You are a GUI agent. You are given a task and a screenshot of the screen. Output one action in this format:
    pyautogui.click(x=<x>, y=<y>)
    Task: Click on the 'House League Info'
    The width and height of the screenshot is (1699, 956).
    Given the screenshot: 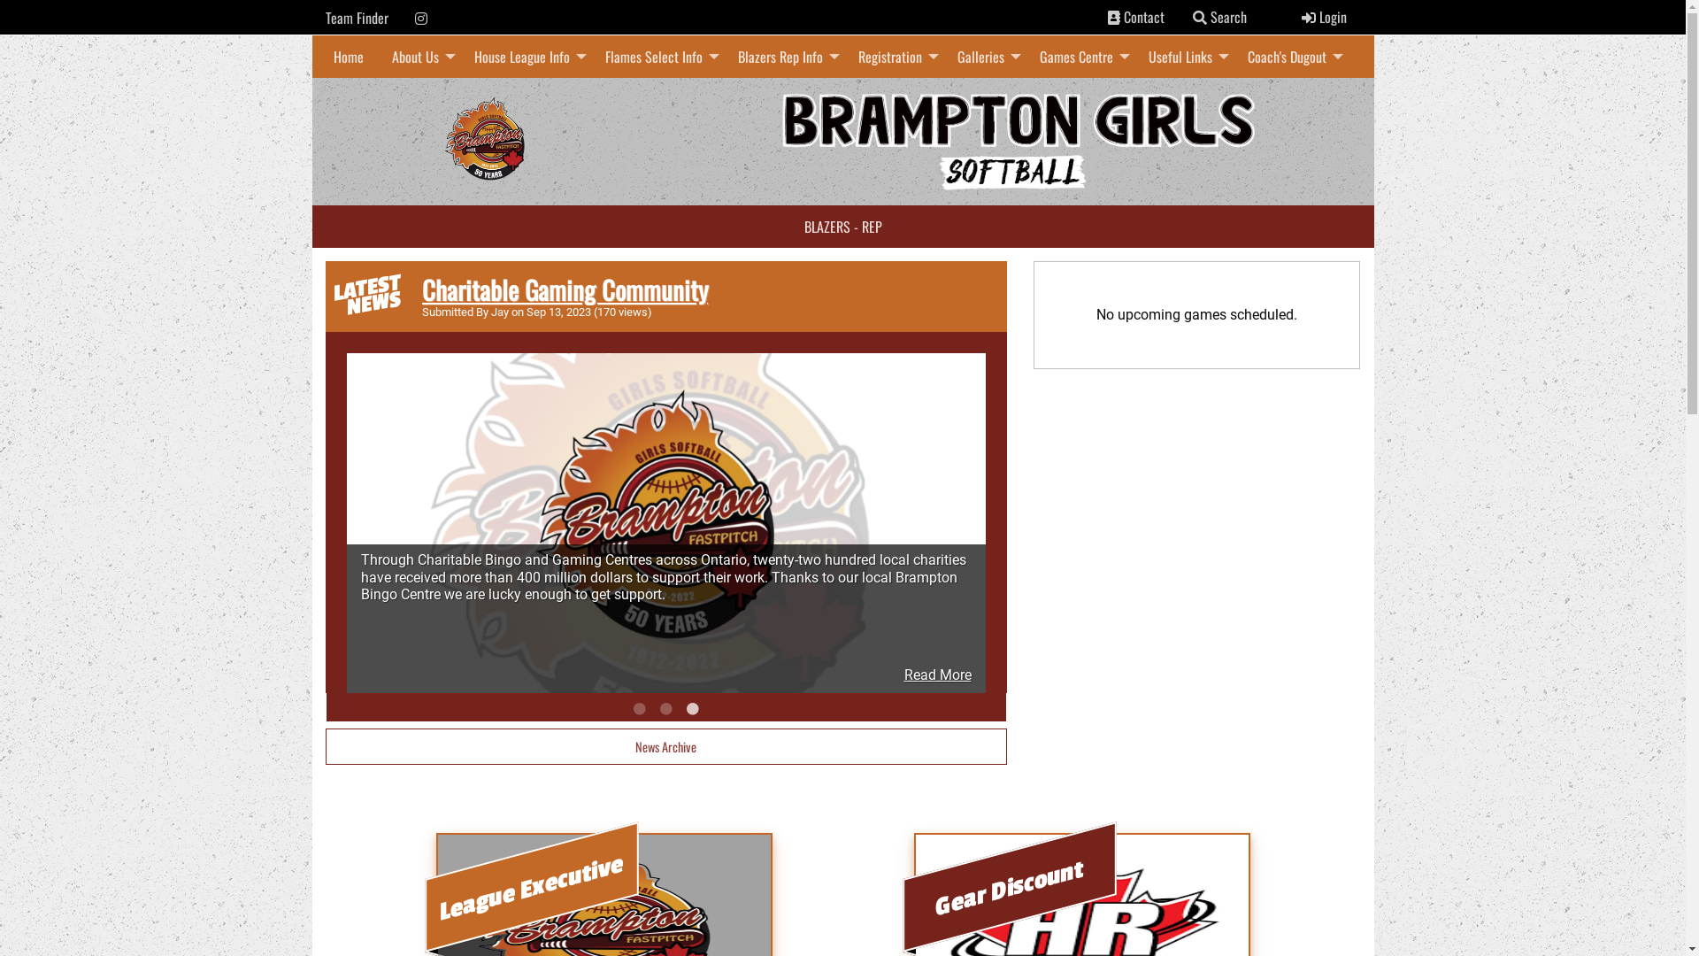 What is the action you would take?
    pyautogui.click(x=525, y=56)
    